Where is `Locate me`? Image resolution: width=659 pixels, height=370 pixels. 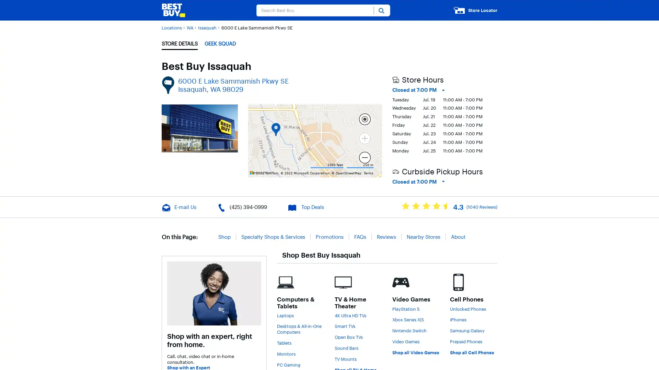 Locate me is located at coordinates (364, 119).